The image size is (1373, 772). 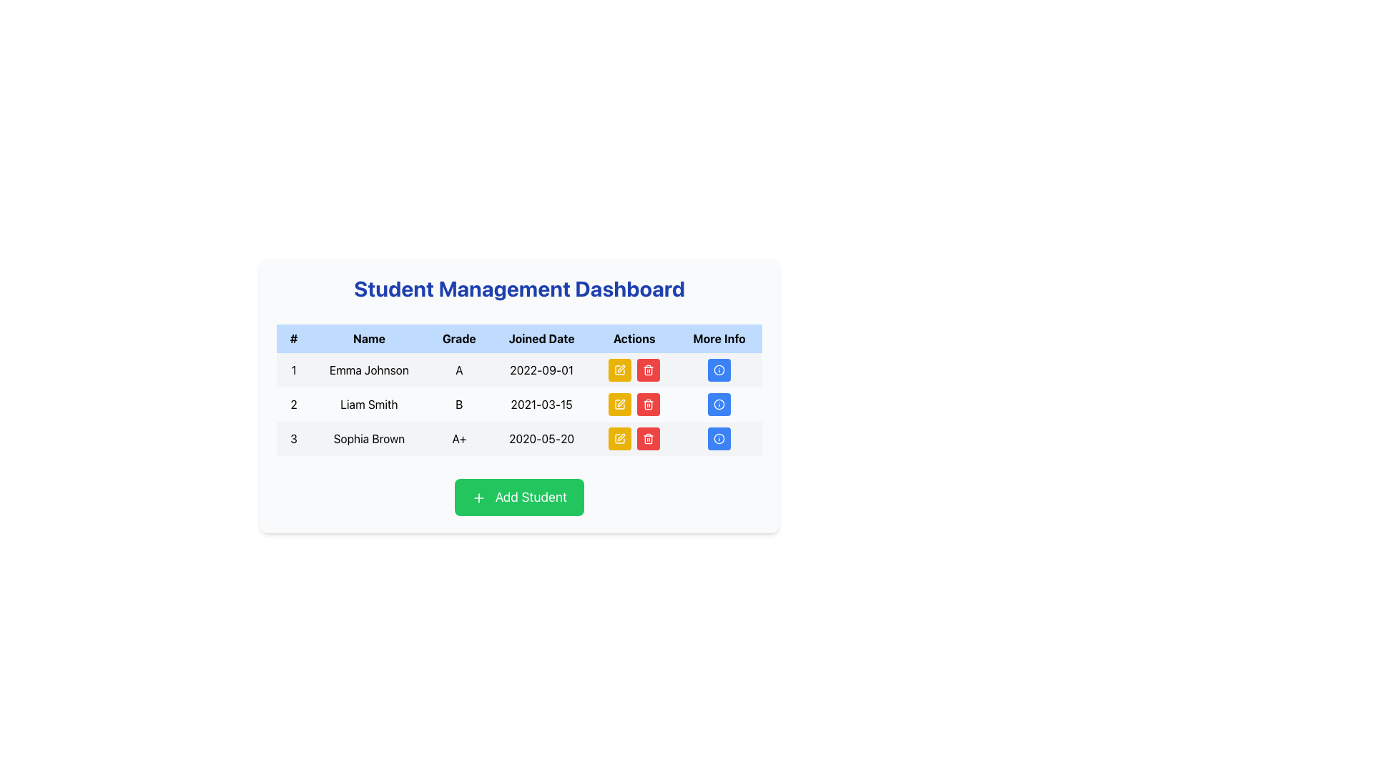 What do you see at coordinates (459, 339) in the screenshot?
I see `the 'Grade' text label in the header row of the table, which indicates grade-related information for the entries beneath it` at bounding box center [459, 339].